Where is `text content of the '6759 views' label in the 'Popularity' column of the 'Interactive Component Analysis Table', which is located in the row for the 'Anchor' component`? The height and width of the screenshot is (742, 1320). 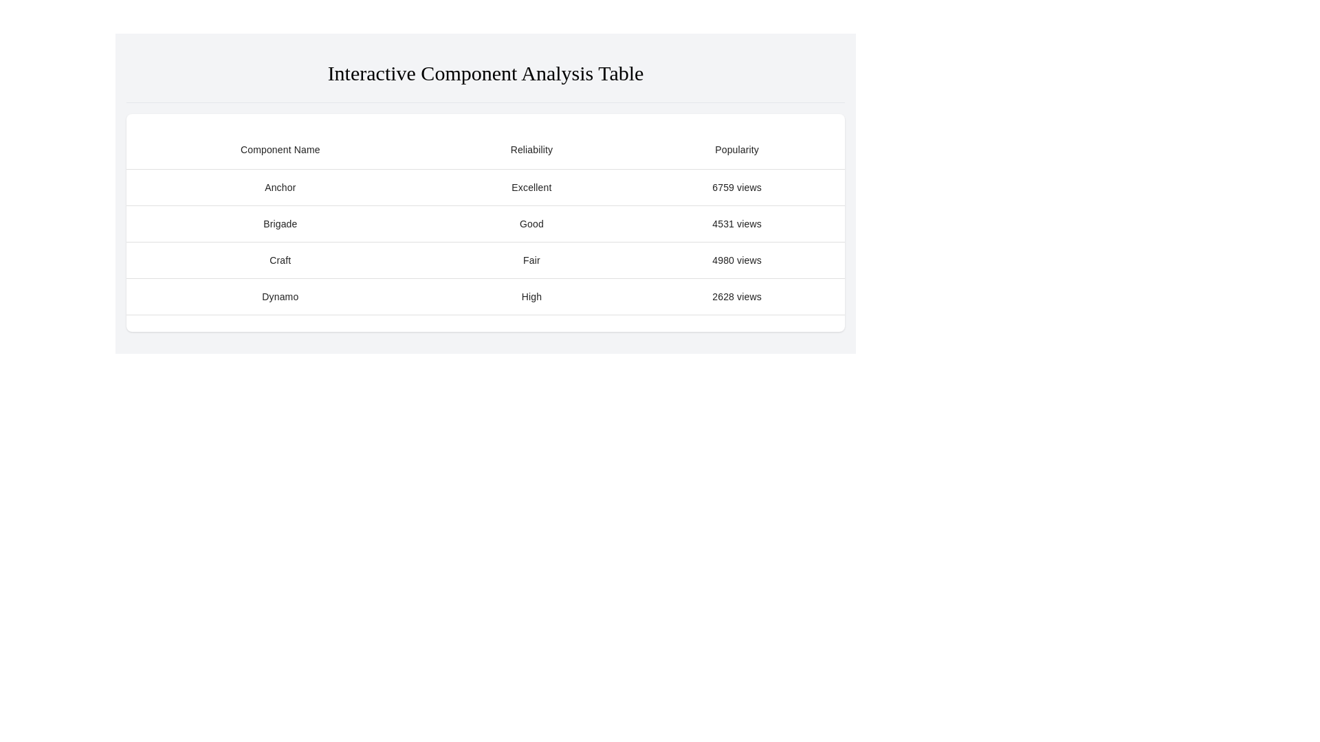 text content of the '6759 views' label in the 'Popularity' column of the 'Interactive Component Analysis Table', which is located in the row for the 'Anchor' component is located at coordinates (736, 188).